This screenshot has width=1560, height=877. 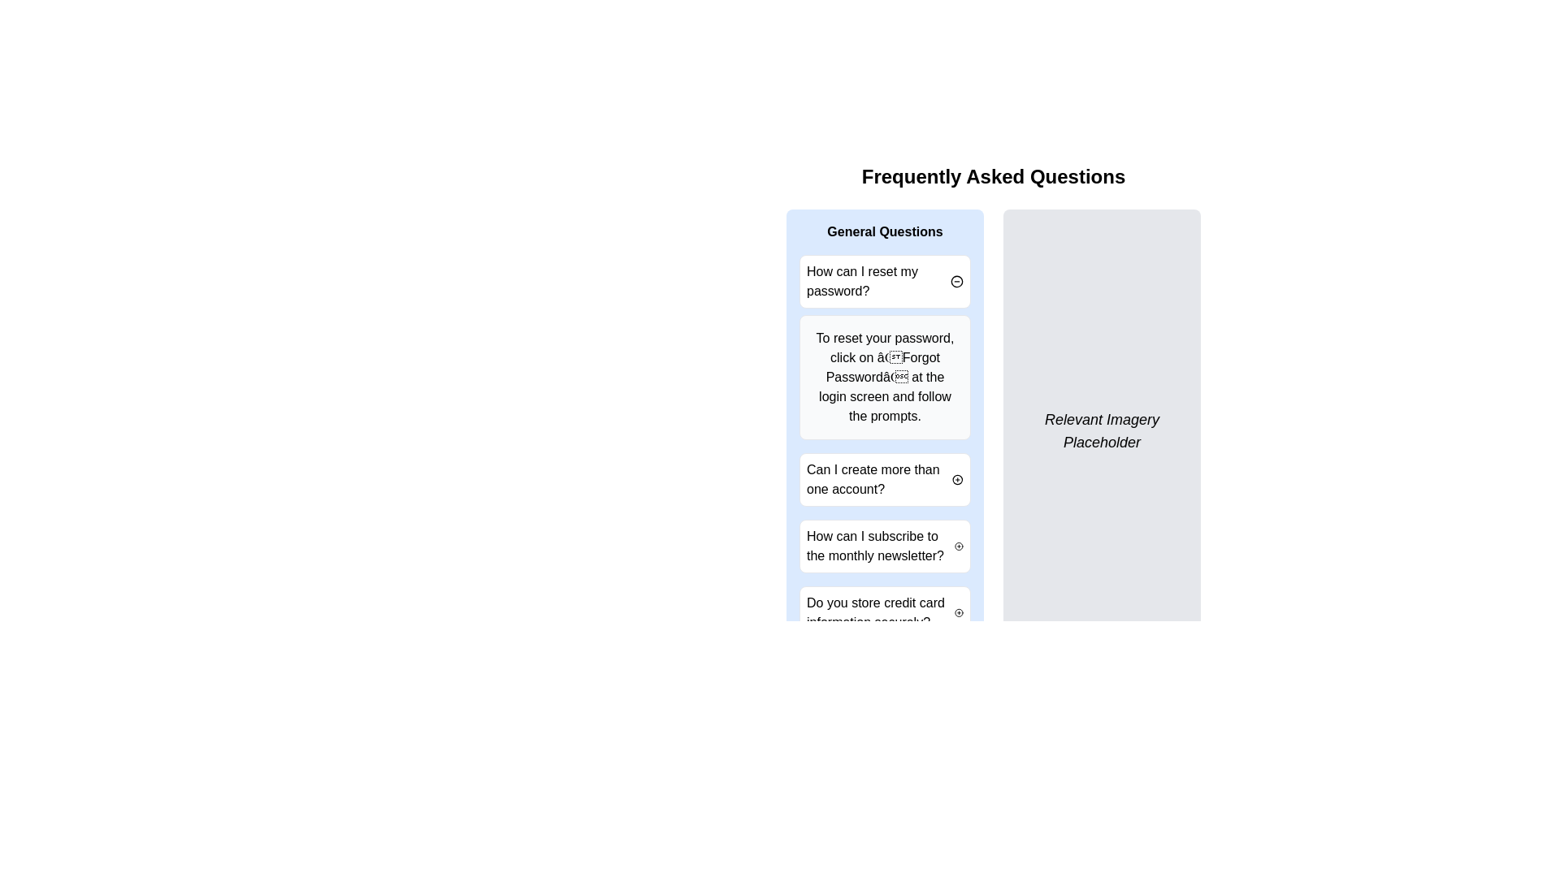 I want to click on the central circular SVG graphic element associated with the fourth question in the FAQ list, so click(x=959, y=546).